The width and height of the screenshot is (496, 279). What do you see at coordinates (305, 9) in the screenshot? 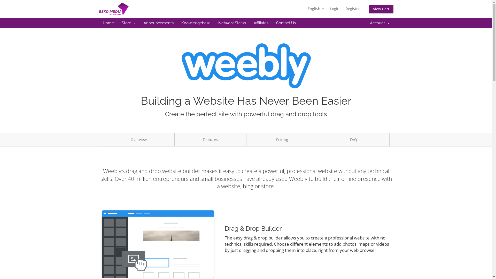
I see `'English'` at bounding box center [305, 9].